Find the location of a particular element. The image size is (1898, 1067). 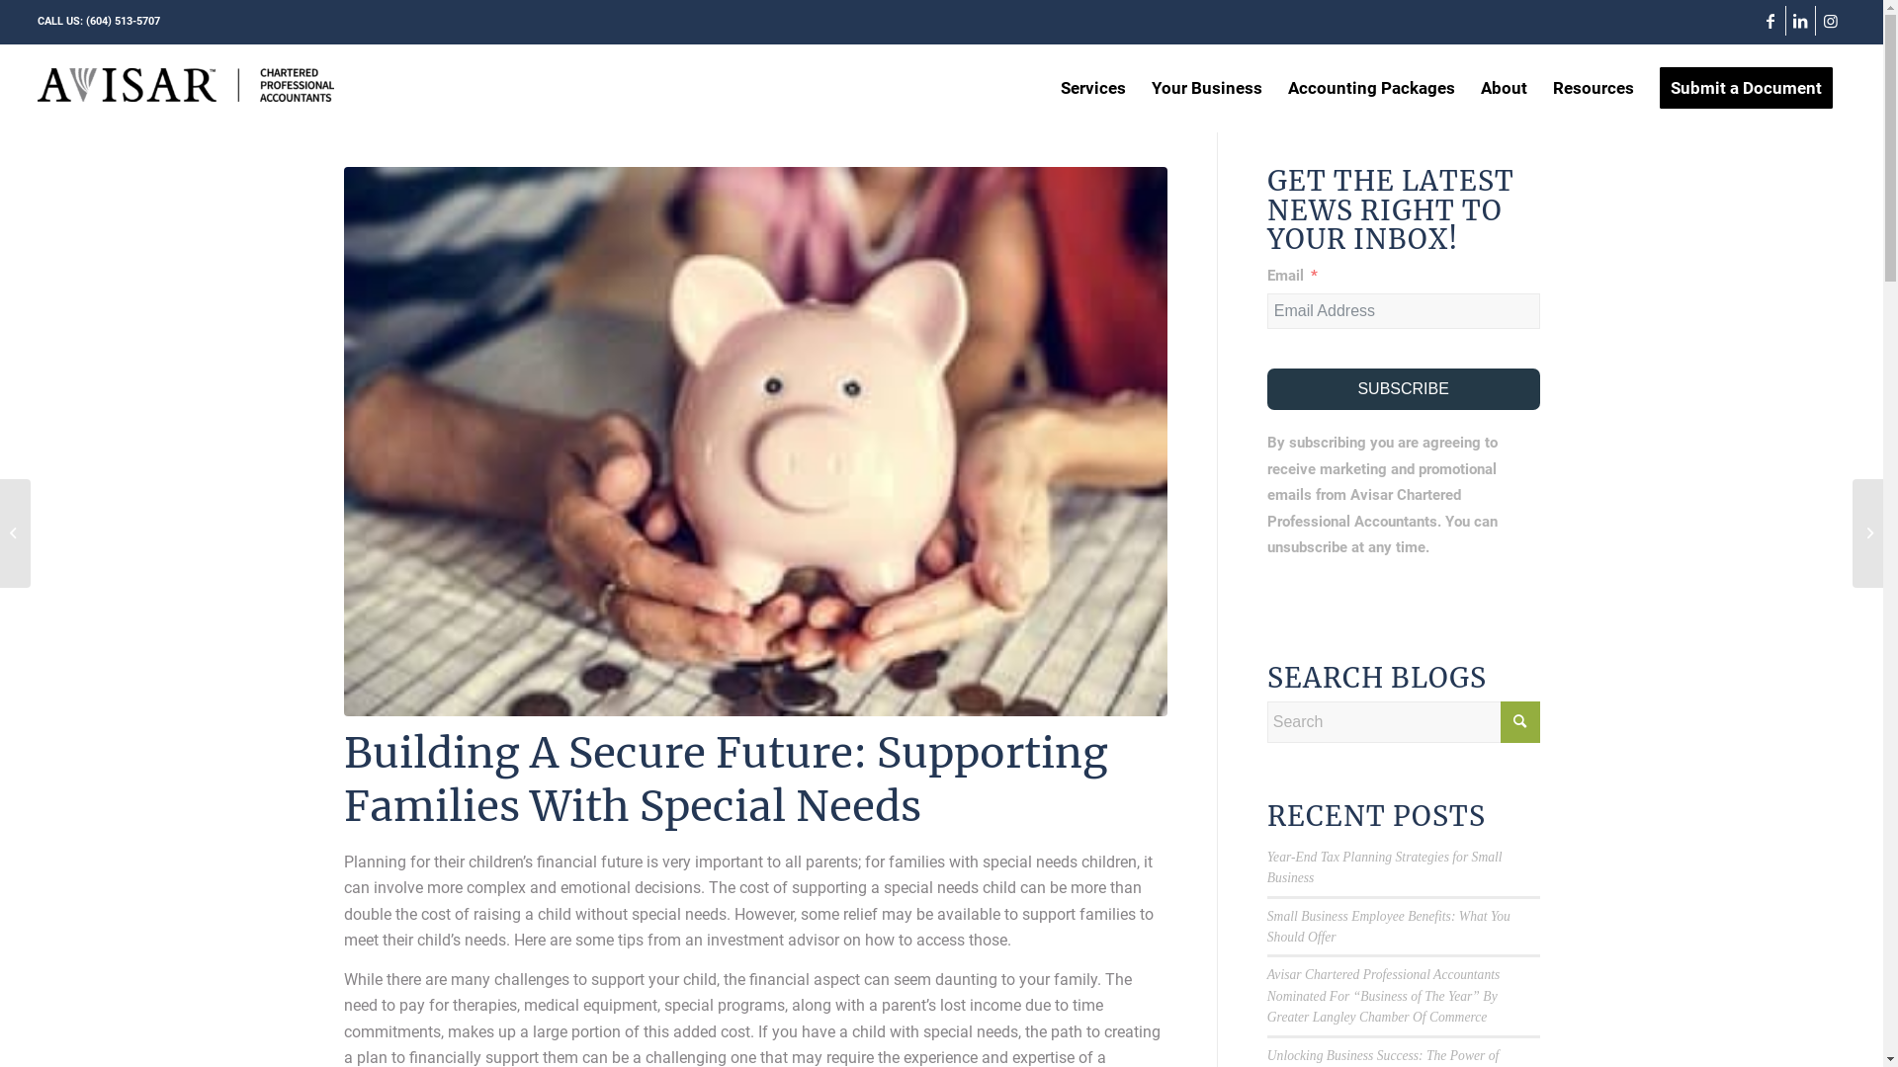

'Instagram' is located at coordinates (1816, 20).